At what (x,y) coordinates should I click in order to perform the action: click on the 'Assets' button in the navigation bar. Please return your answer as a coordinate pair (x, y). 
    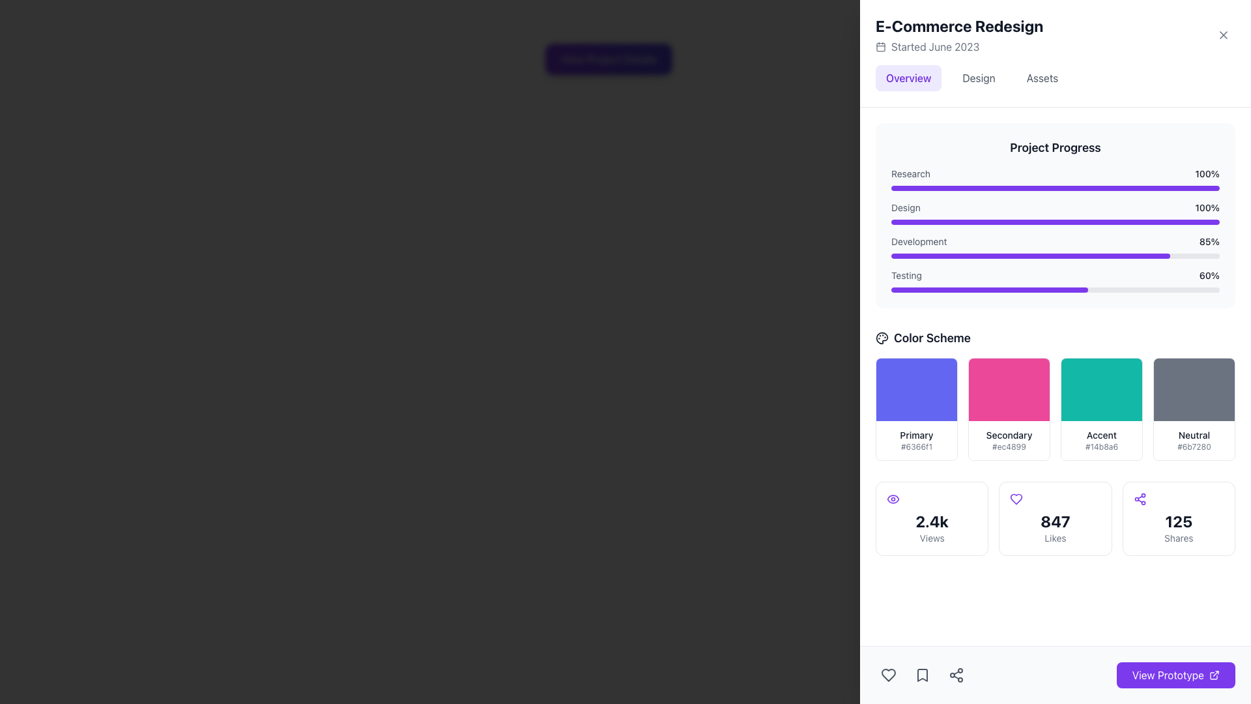
    Looking at the image, I should click on (1041, 78).